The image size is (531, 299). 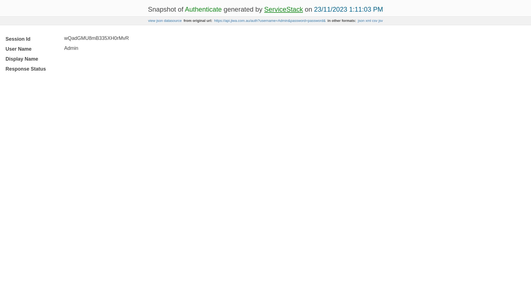 What do you see at coordinates (380, 20) in the screenshot?
I see `'jsv'` at bounding box center [380, 20].